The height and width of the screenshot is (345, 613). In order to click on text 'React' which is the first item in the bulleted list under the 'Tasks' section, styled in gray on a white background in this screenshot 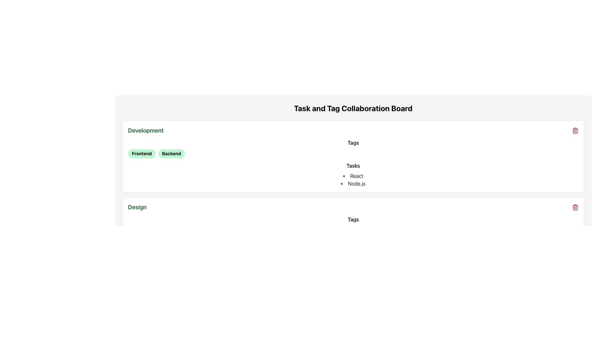, I will do `click(353, 176)`.